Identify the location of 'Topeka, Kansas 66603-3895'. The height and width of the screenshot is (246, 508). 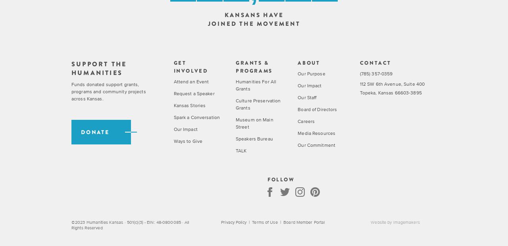
(391, 92).